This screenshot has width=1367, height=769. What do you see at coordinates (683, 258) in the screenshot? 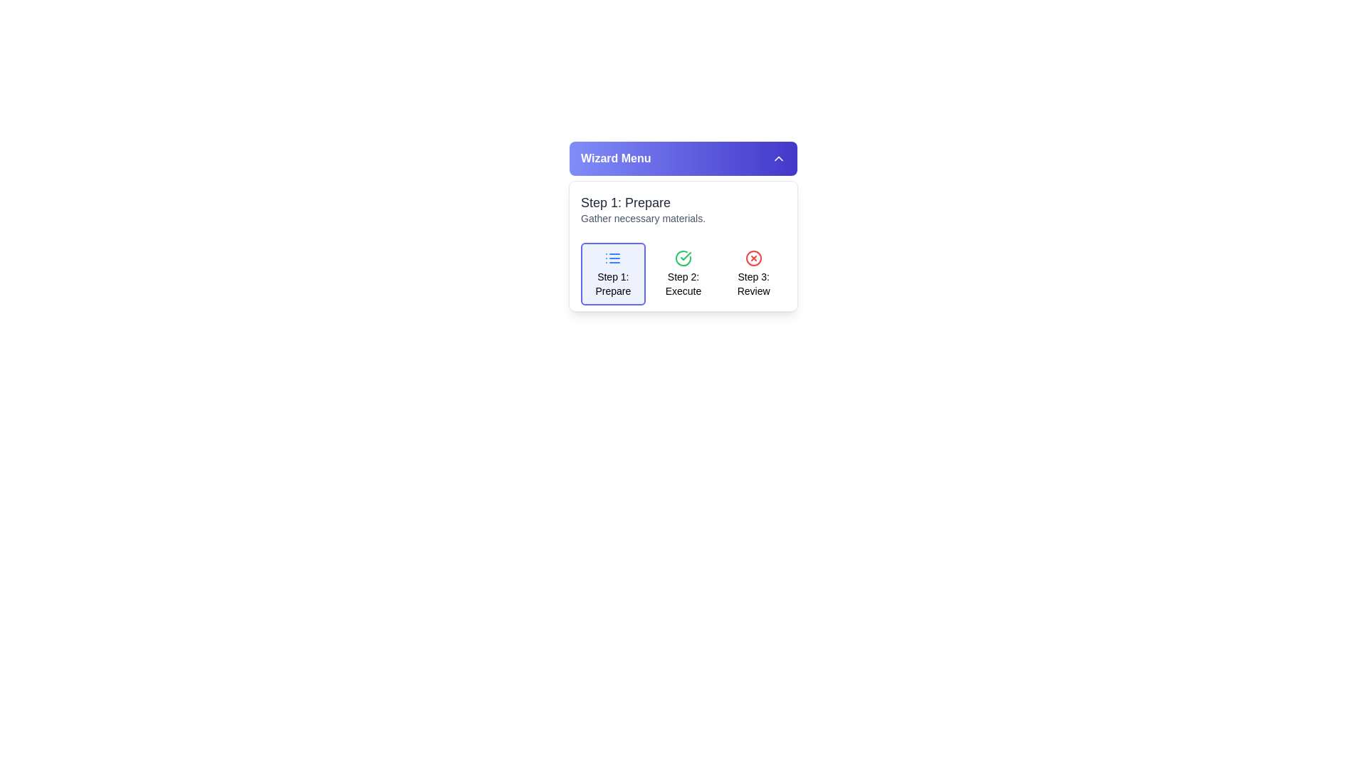
I see `the icon indicating readiness for 'Step 2: Execute' in the wizard flow to interact with this step` at bounding box center [683, 258].